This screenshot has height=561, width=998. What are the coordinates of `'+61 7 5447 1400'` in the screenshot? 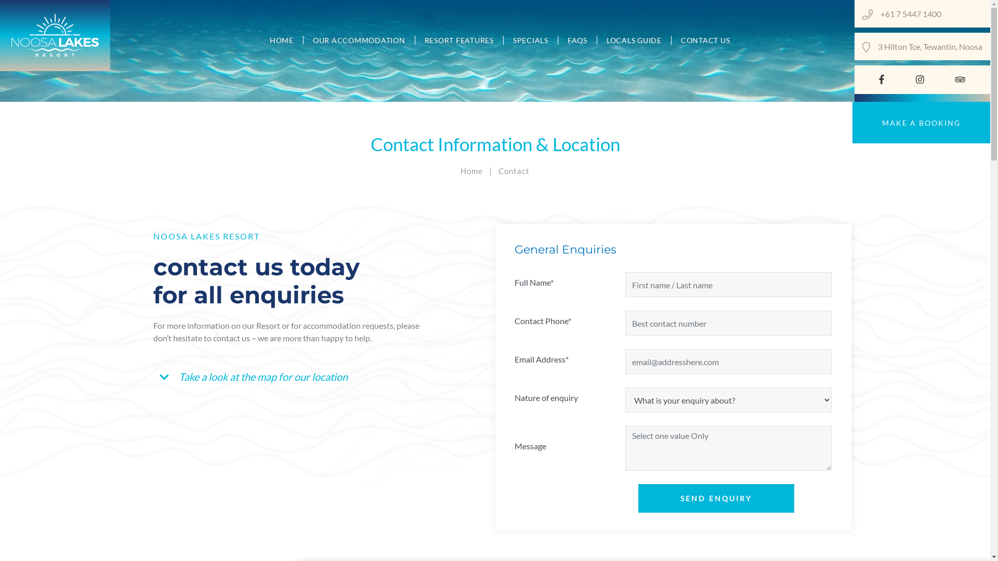 It's located at (931, 14).